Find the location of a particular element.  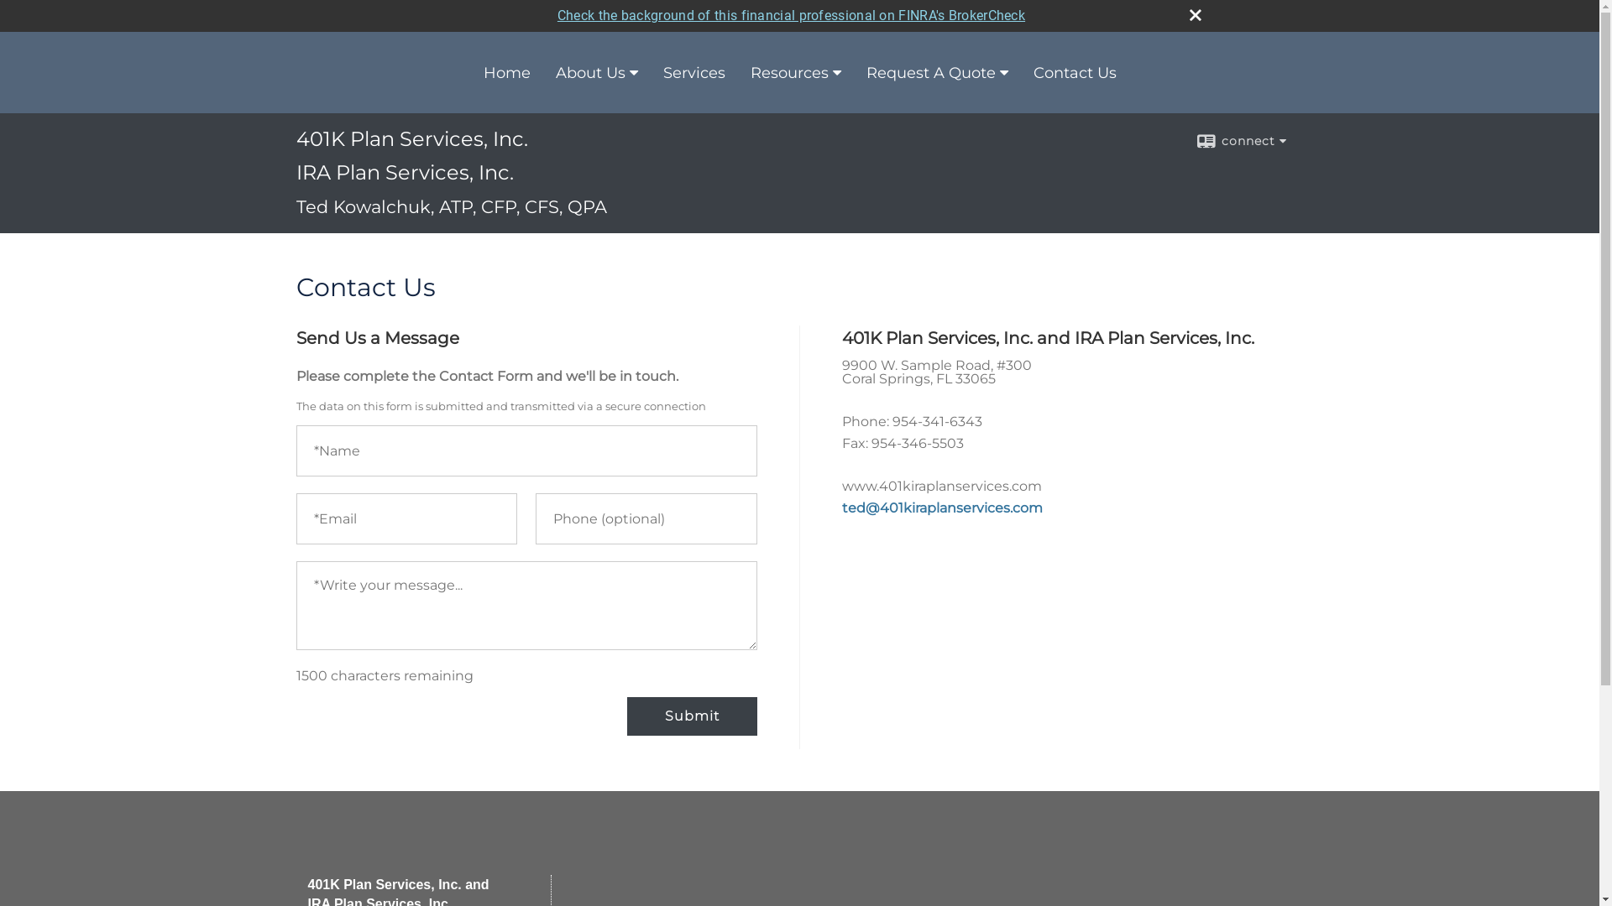

'Contact Us' is located at coordinates (1075, 72).